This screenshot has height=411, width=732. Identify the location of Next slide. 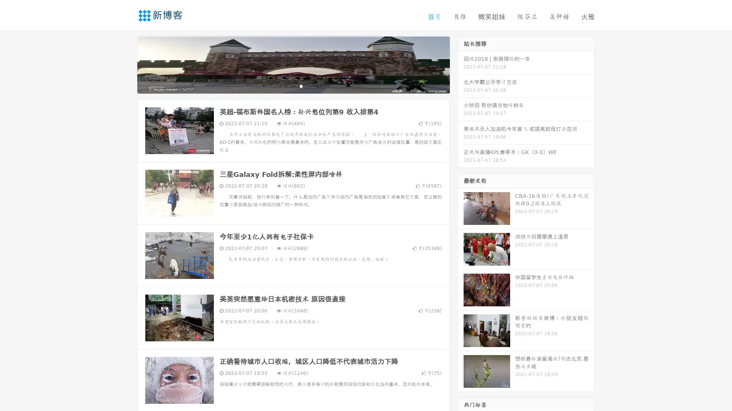
(461, 64).